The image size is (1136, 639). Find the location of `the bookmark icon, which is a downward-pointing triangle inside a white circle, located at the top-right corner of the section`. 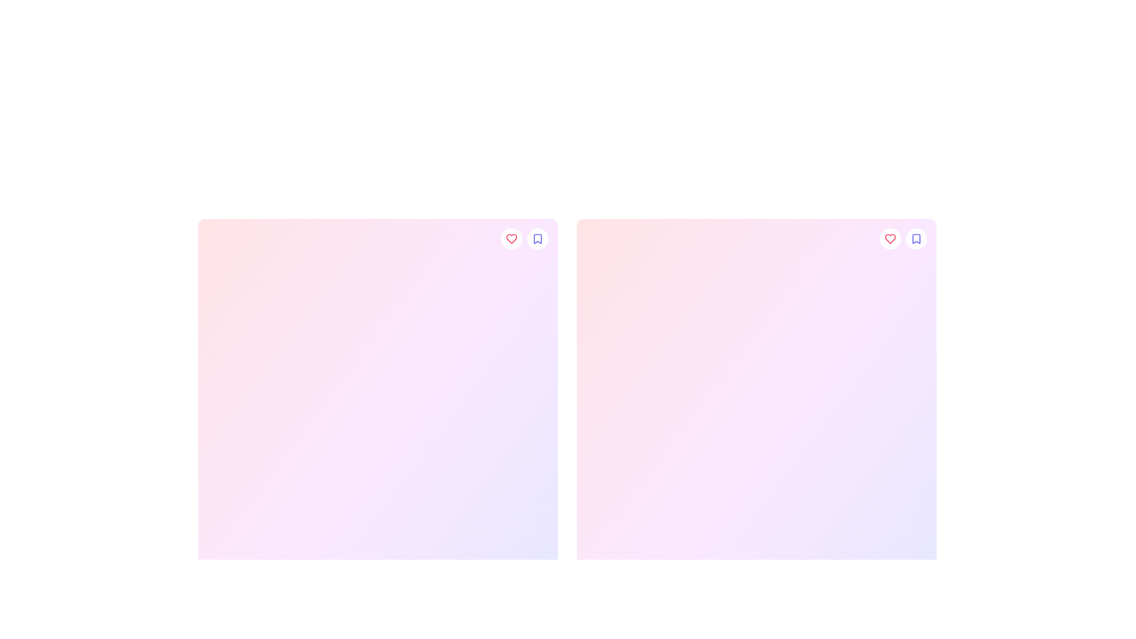

the bookmark icon, which is a downward-pointing triangle inside a white circle, located at the top-right corner of the section is located at coordinates (916, 239).